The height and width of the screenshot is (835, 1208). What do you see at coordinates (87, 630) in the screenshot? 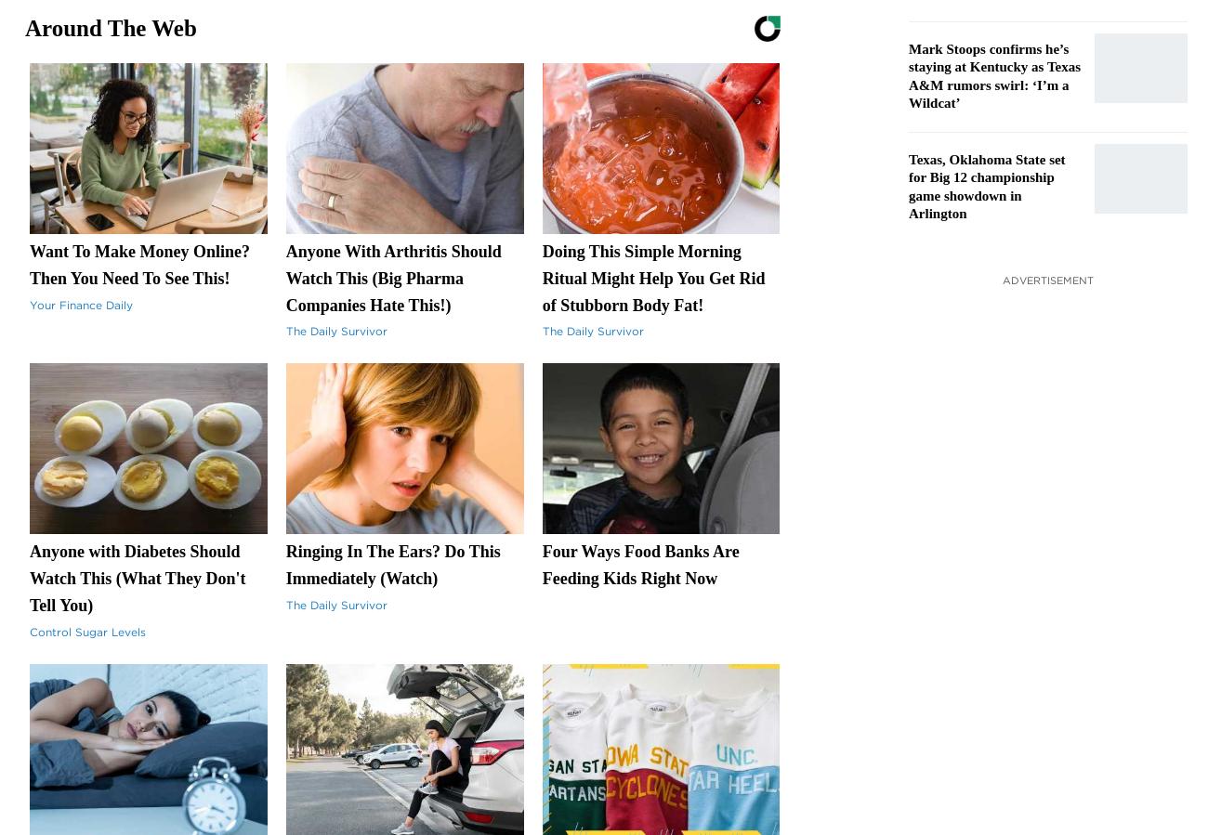
I see `'Control Sugar Levels'` at bounding box center [87, 630].